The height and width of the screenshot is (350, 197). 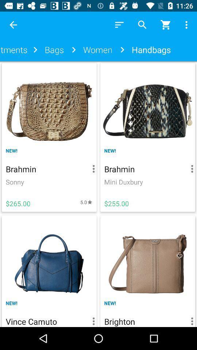 I want to click on trolly icon, so click(x=166, y=24).